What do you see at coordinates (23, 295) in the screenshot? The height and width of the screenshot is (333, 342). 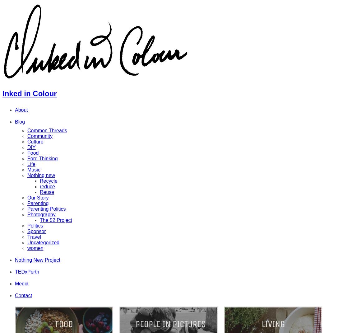 I see `'Contact'` at bounding box center [23, 295].